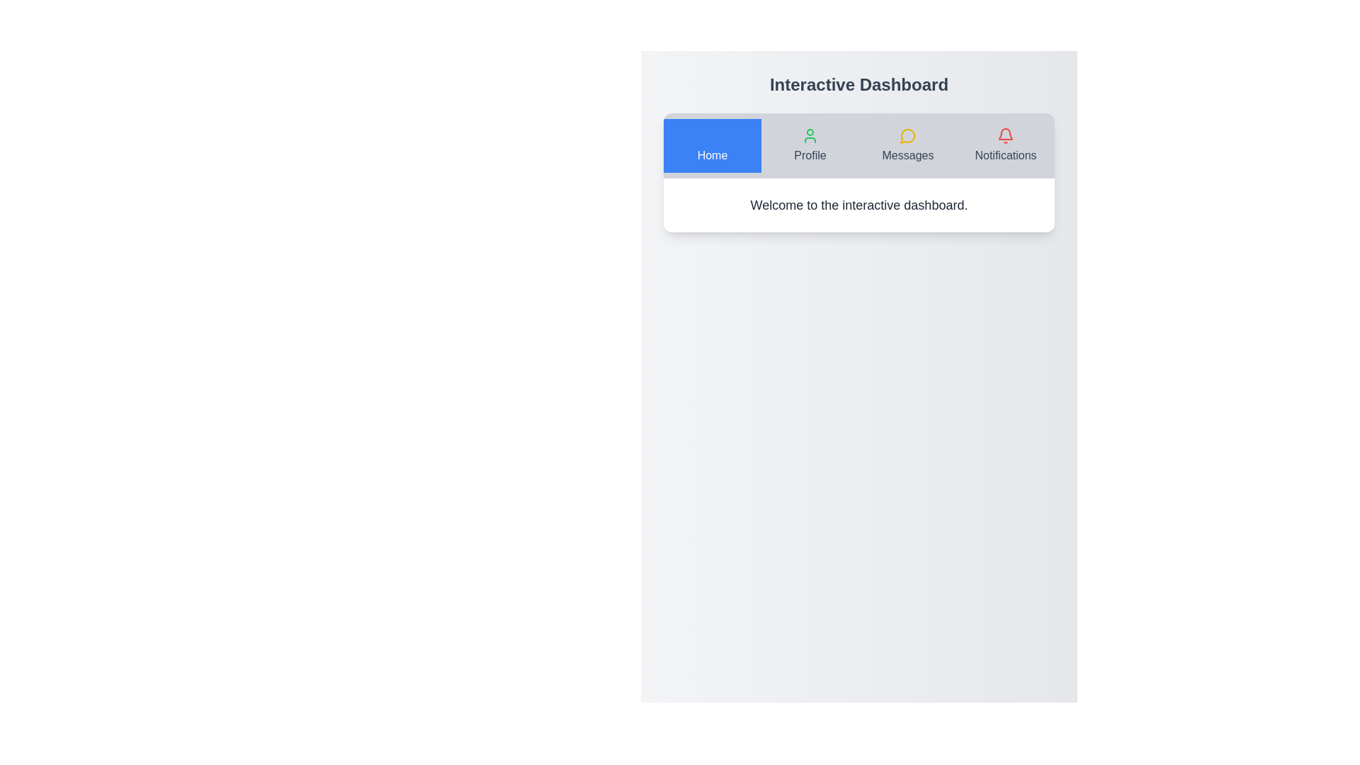 Image resolution: width=1360 pixels, height=765 pixels. What do you see at coordinates (1005, 155) in the screenshot?
I see `the 'Notifications' text label located at the far right of the navigation bar, directly underneath the bell icon` at bounding box center [1005, 155].